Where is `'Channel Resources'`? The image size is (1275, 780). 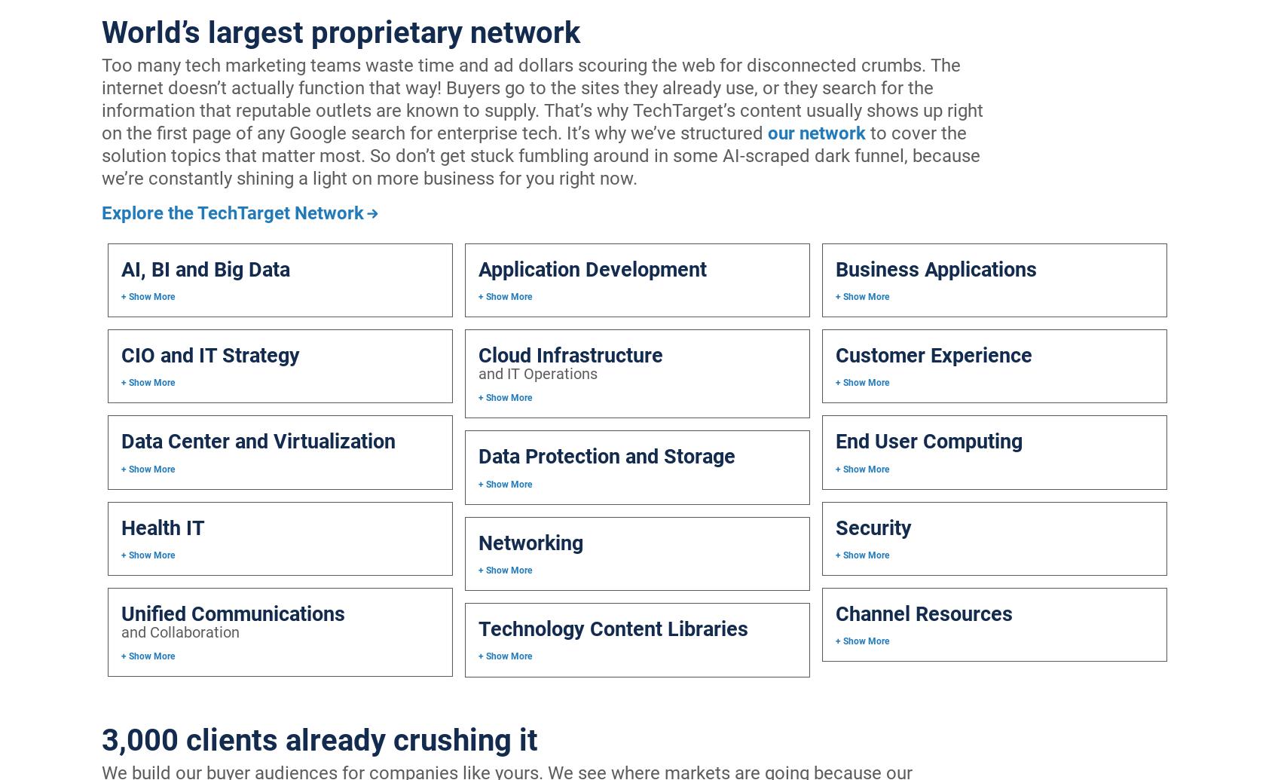
'Channel Resources' is located at coordinates (834, 613).